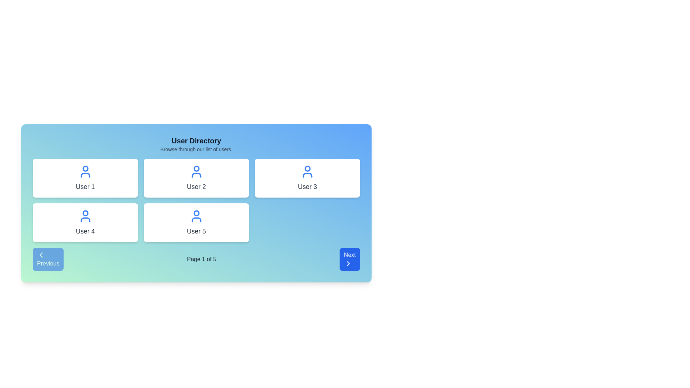 The image size is (690, 388). What do you see at coordinates (196, 186) in the screenshot?
I see `the informational text label in the second card of the User Directory interface, which identifies the associated user and is positioned below a blue user icon` at bounding box center [196, 186].